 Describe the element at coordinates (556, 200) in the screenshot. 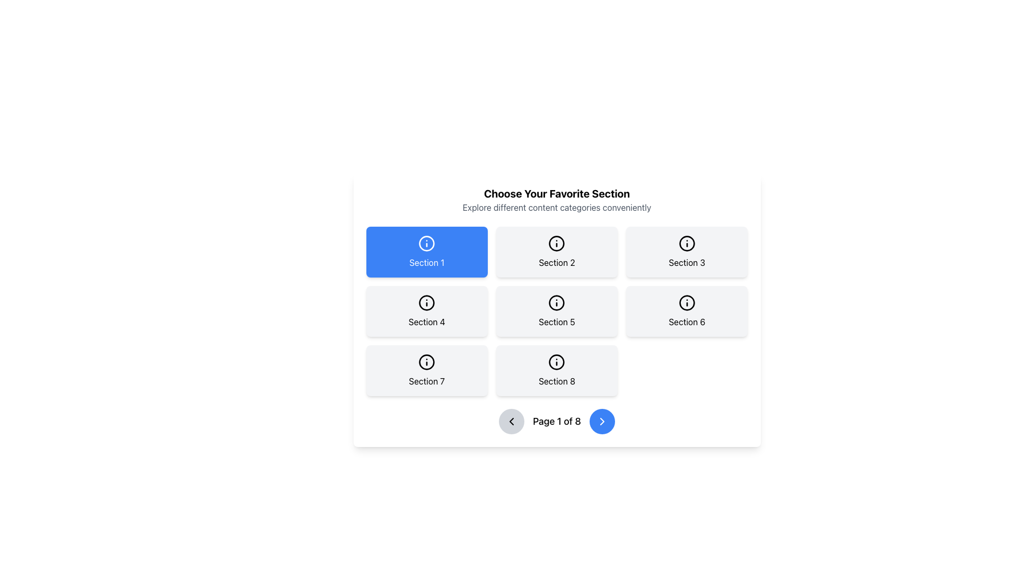

I see `the header text block located at the top of the central card layout, which provides context for the card's selectable options` at that location.